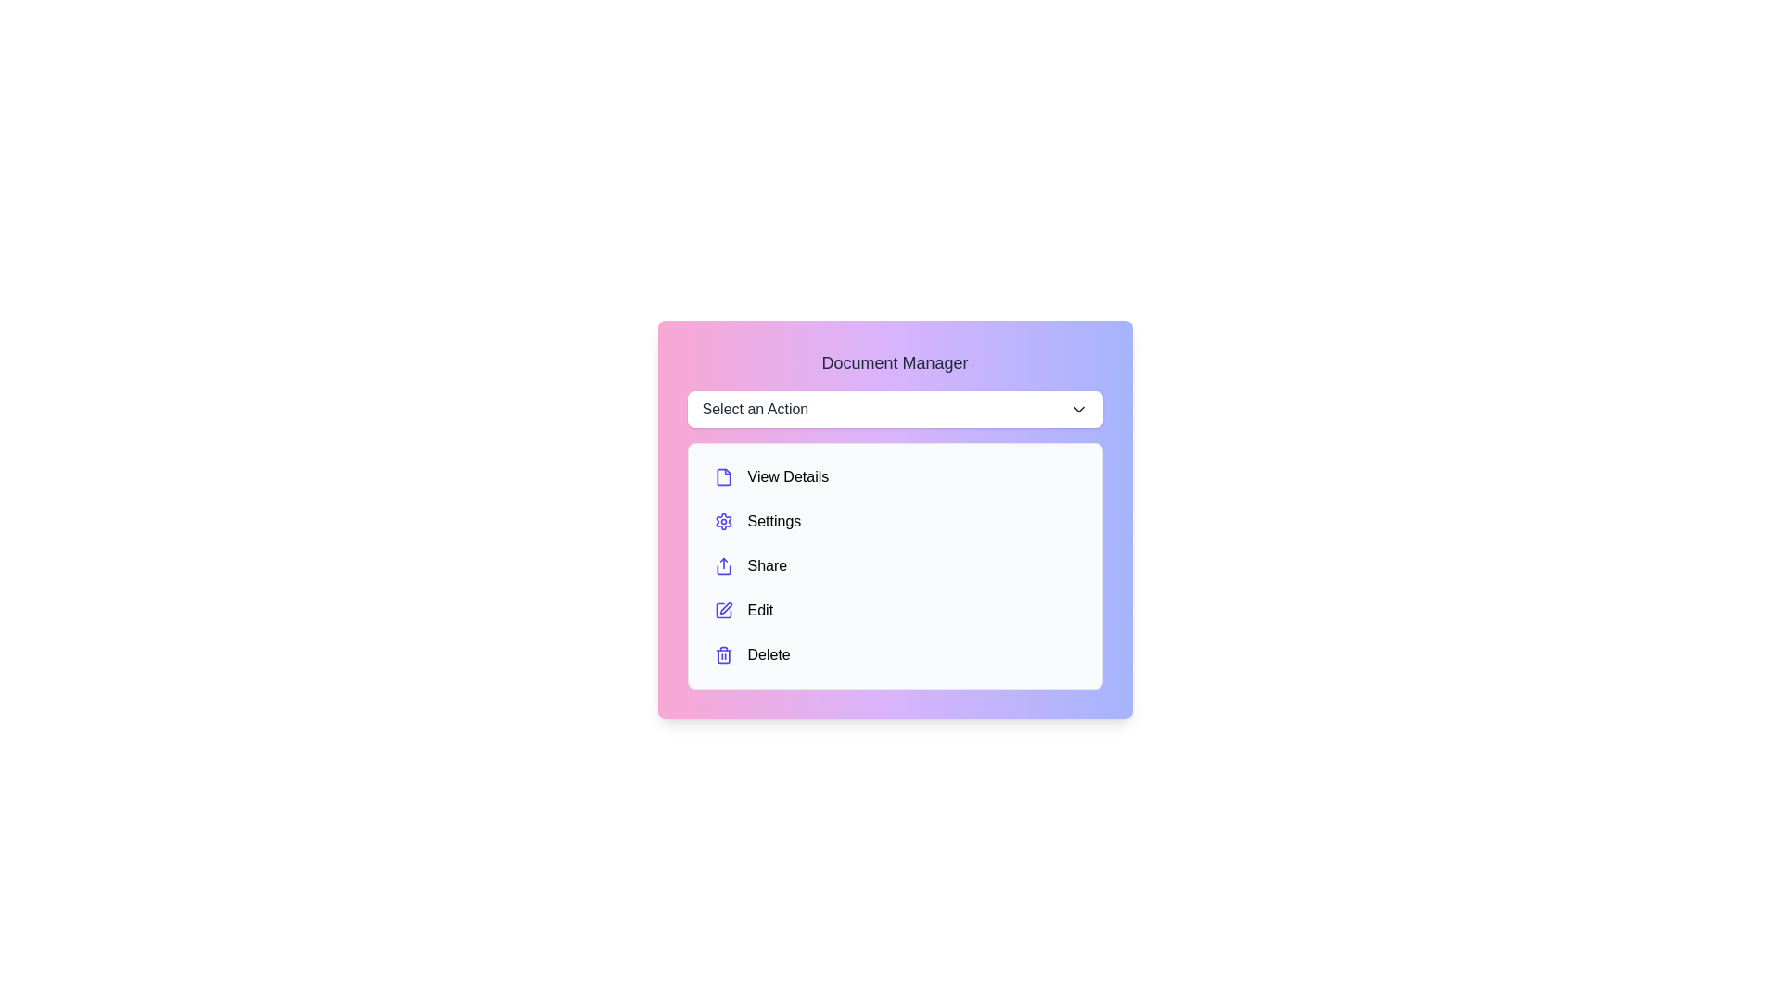  I want to click on the 'Settings' navigation link located under 'Document Manager', so click(895, 522).